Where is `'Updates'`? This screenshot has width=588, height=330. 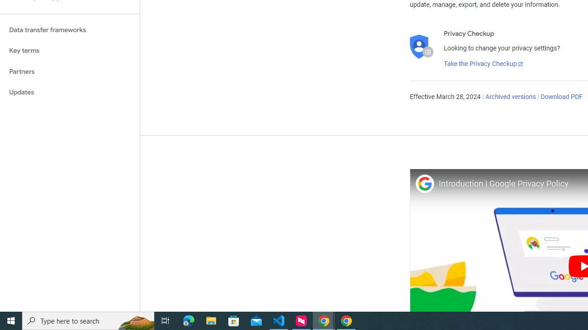
'Updates' is located at coordinates (69, 92).